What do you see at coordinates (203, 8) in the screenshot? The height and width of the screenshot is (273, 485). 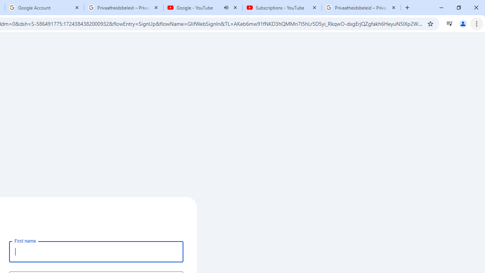 I see `'Google - YouTube - Audio playing'` at bounding box center [203, 8].